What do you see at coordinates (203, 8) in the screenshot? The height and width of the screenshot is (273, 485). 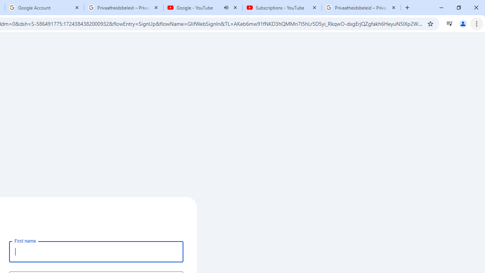 I see `'Google - YouTube - Audio playing'` at bounding box center [203, 8].